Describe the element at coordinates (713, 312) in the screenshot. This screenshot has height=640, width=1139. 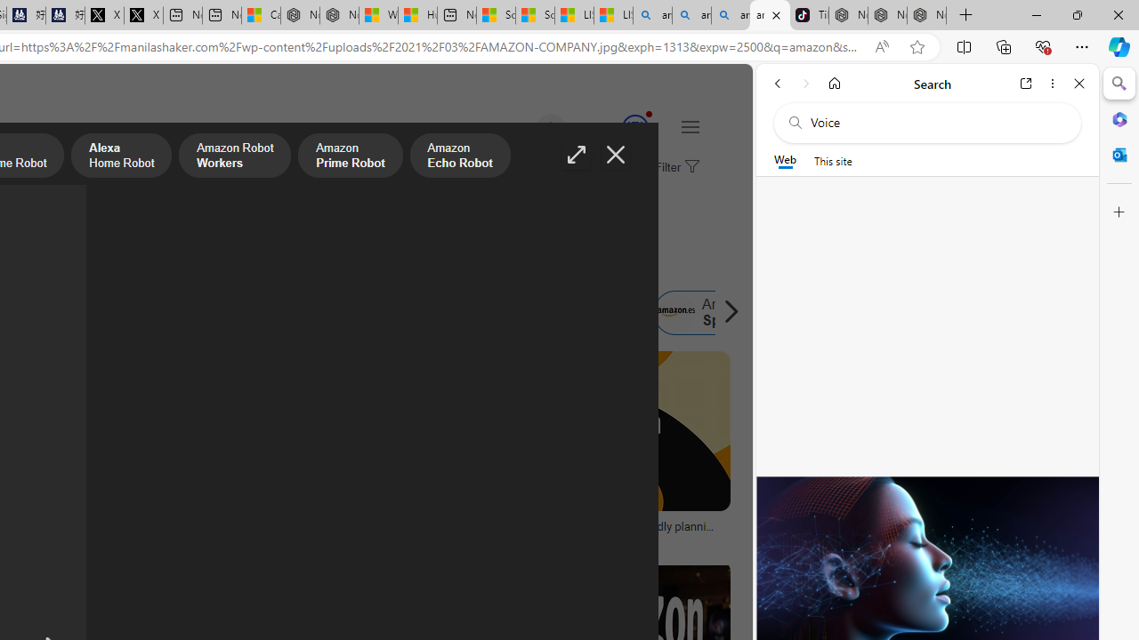
I see `'Class: item col'` at that location.